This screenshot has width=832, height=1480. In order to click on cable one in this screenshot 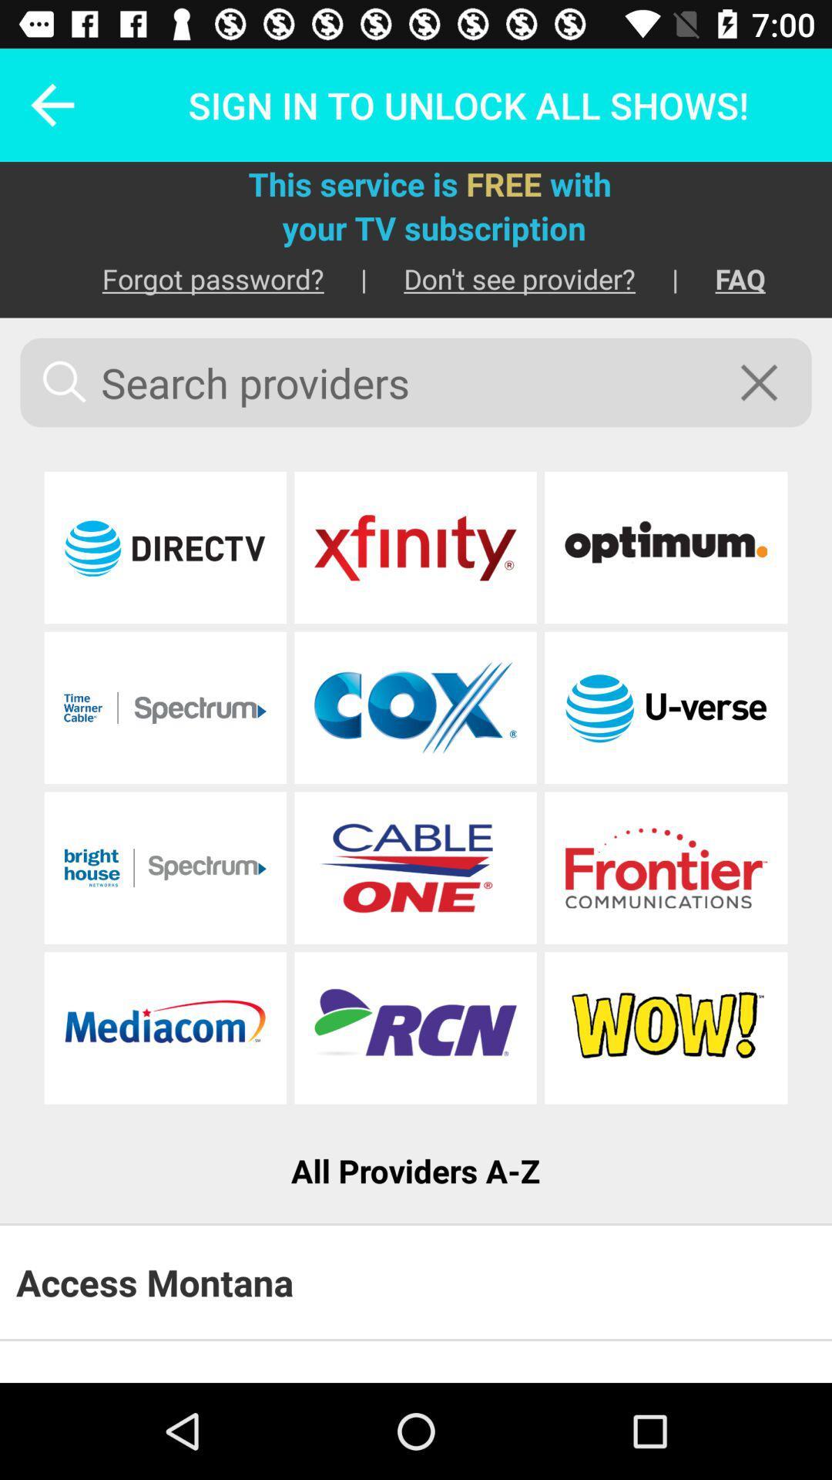, I will do `click(414, 868)`.